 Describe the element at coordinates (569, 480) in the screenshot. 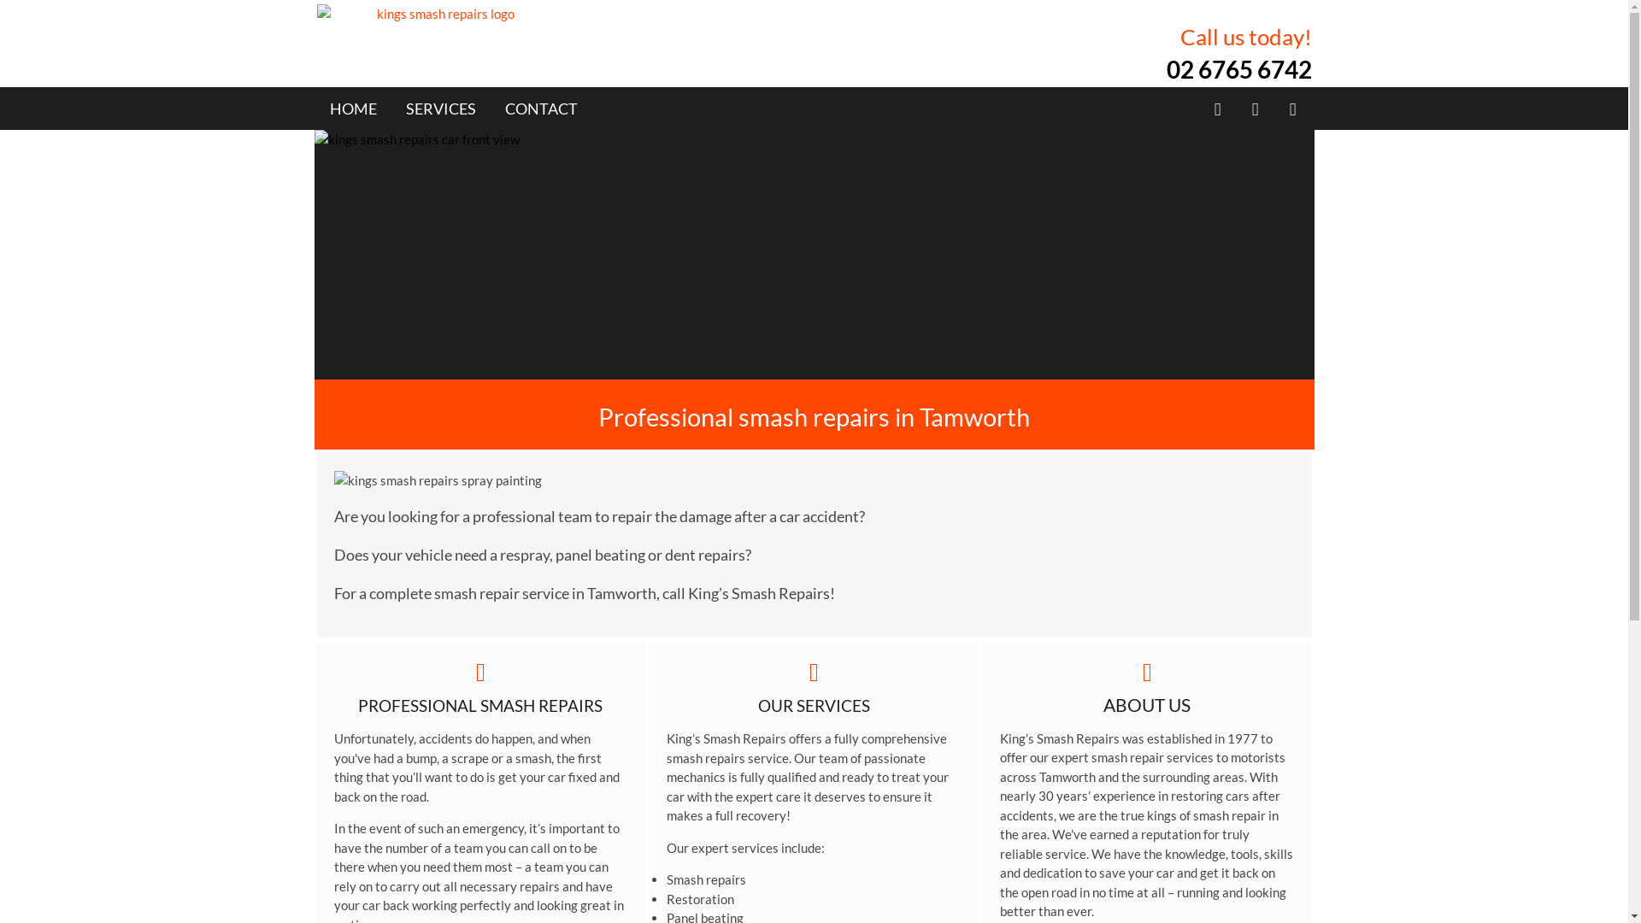

I see `'kings smash repairs spray painting'` at that location.